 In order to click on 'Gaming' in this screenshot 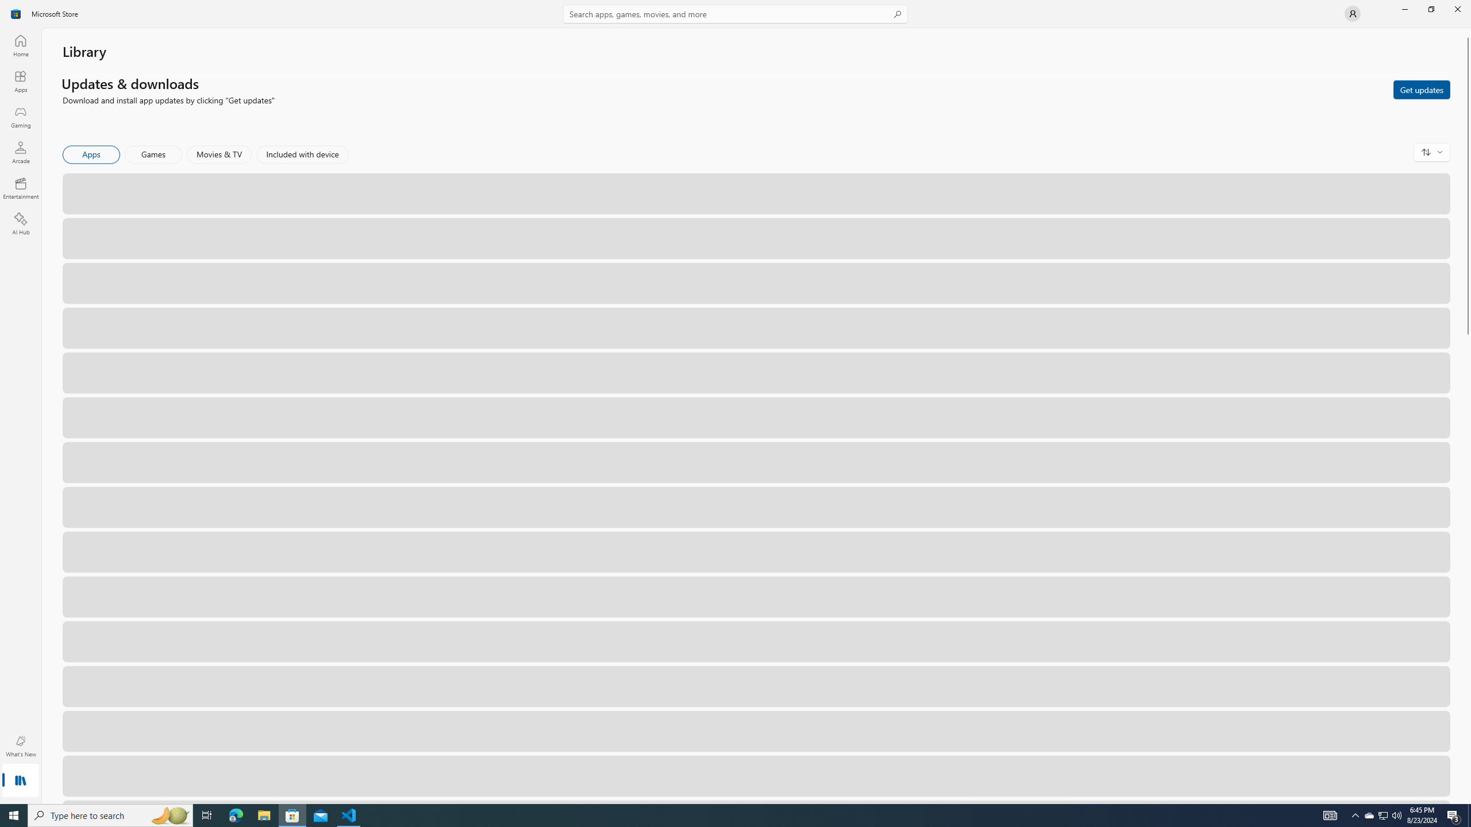, I will do `click(20, 116)`.